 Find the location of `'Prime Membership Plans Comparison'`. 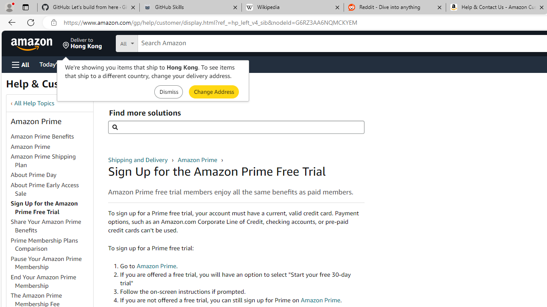

'Prime Membership Plans Comparison' is located at coordinates (44, 244).